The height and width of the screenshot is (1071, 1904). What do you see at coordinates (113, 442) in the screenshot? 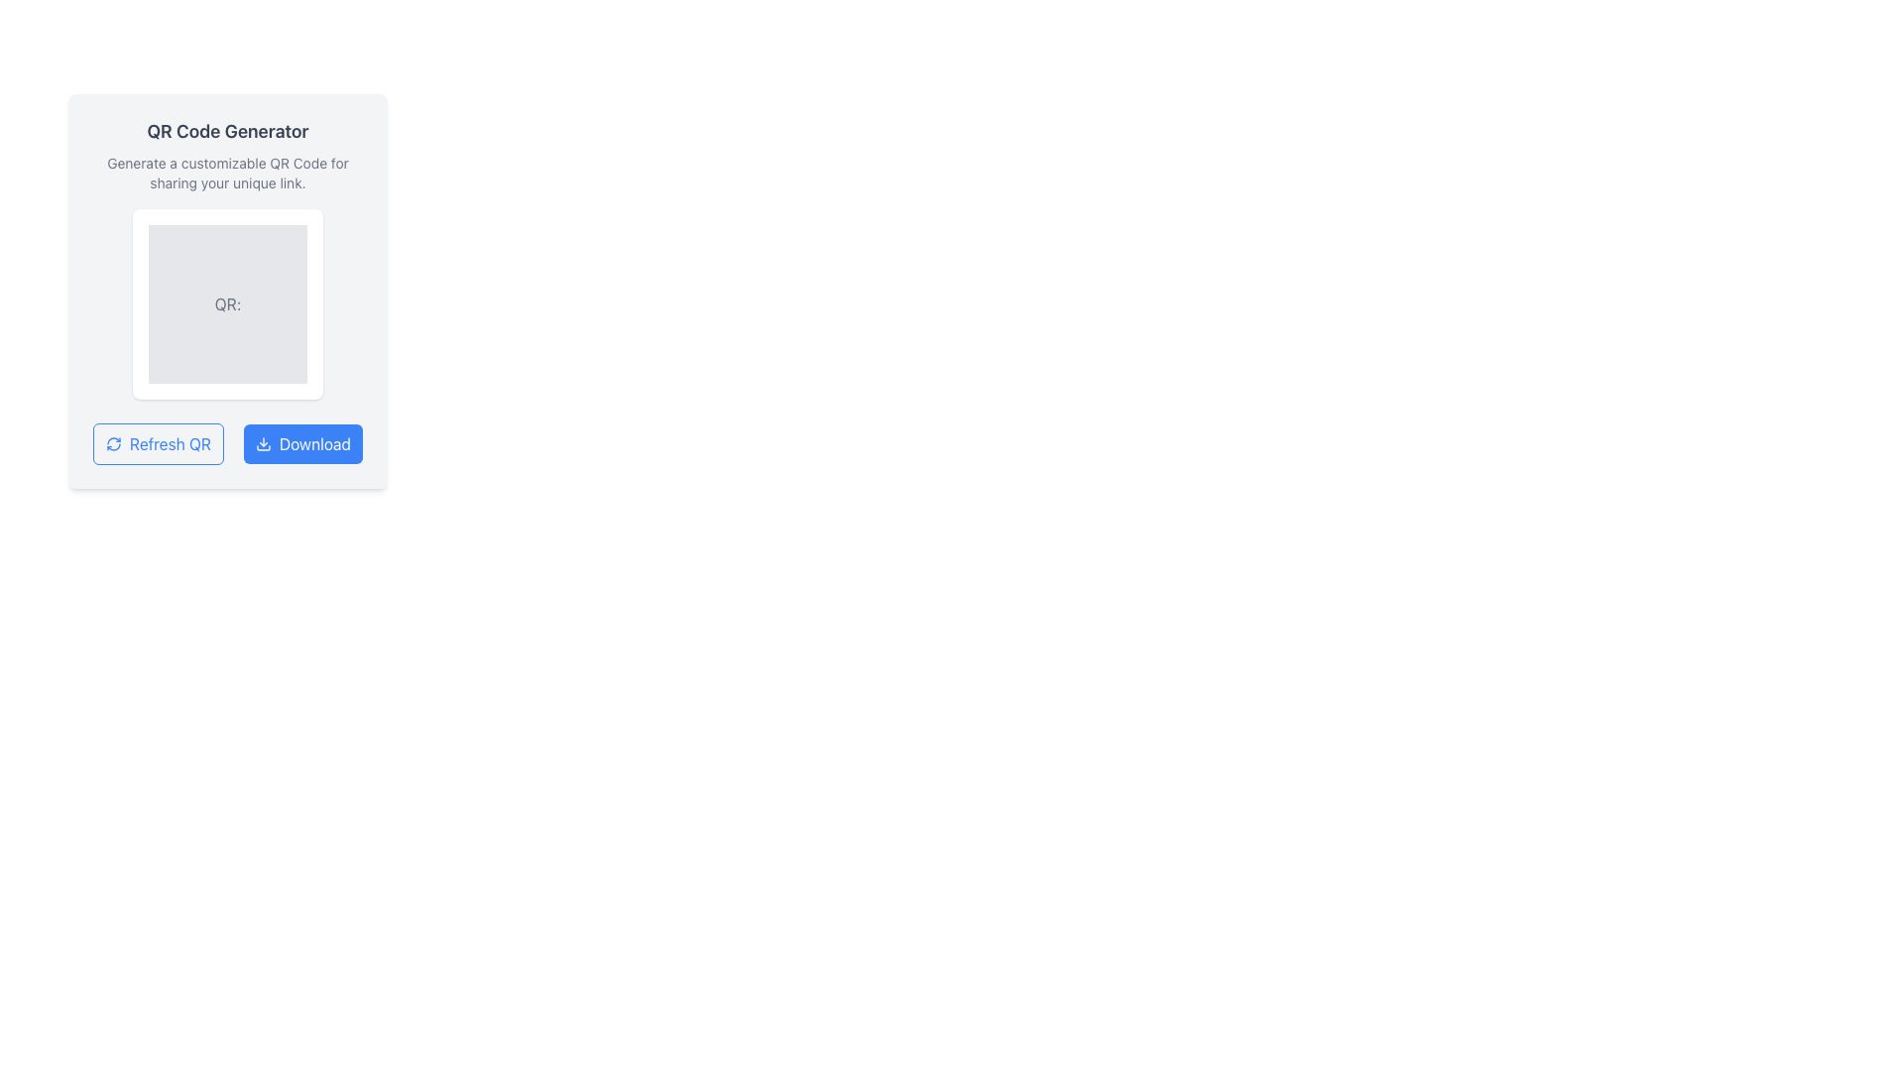
I see `the SVG Icon representing the 'refresh QR' operation, which is part of the 'Refresh QR' button located below the QR Code placeholder` at bounding box center [113, 442].